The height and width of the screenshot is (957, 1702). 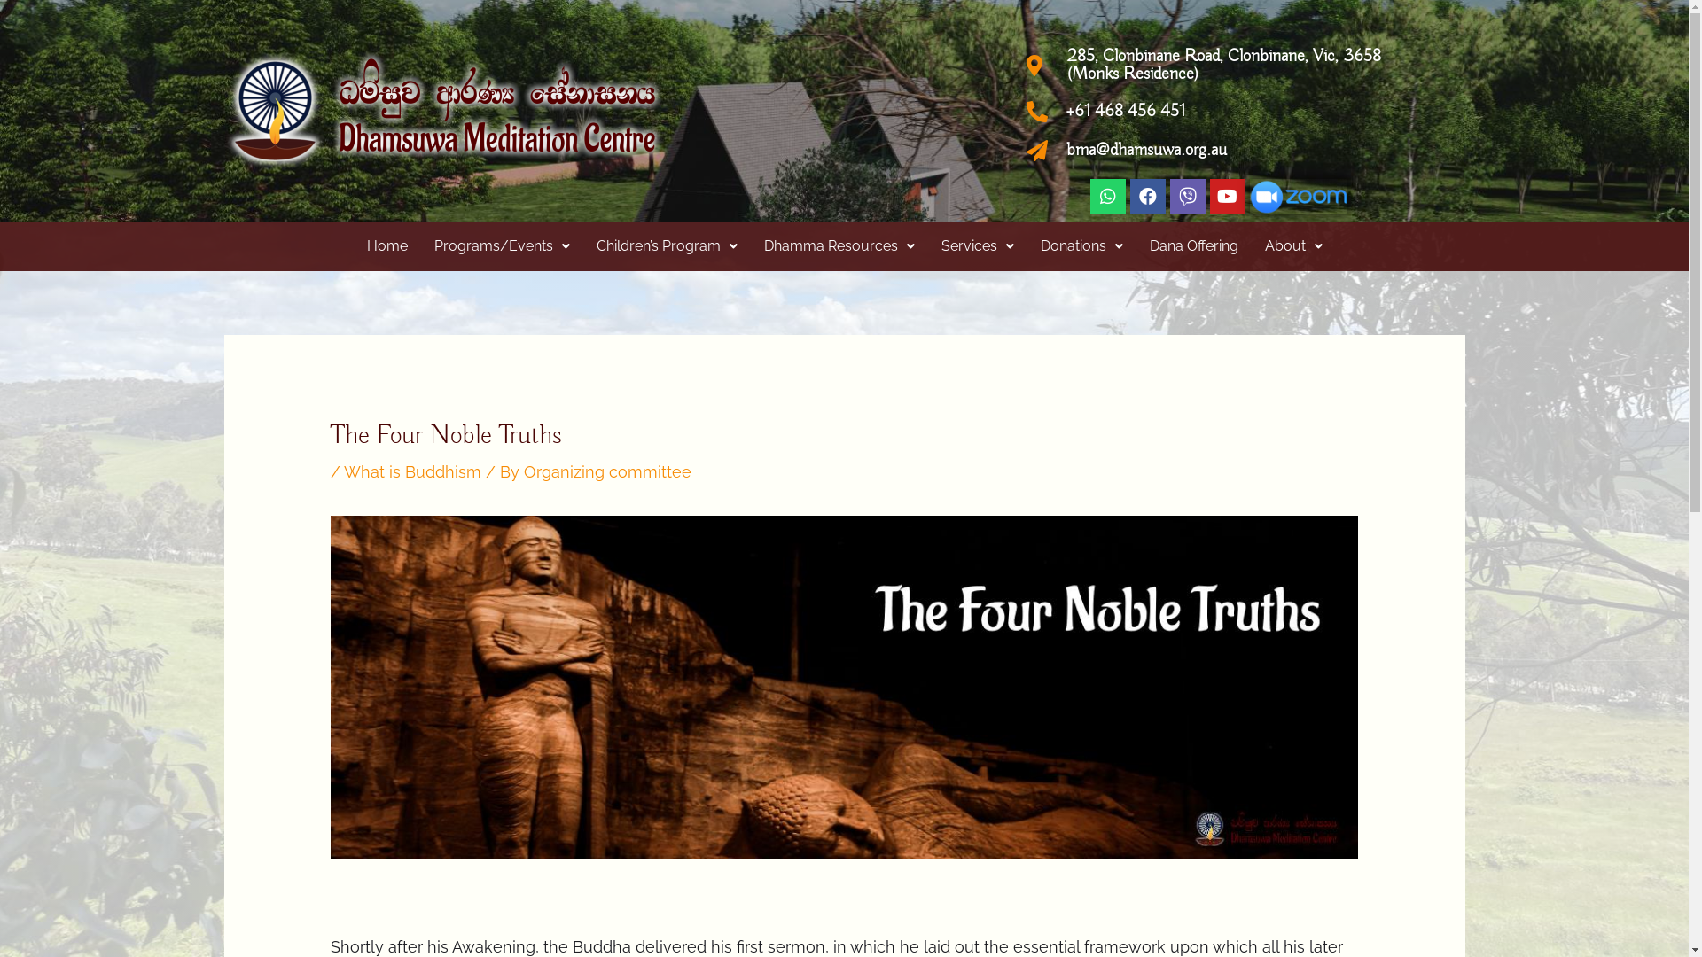 What do you see at coordinates (411, 471) in the screenshot?
I see `'What is Buddhism'` at bounding box center [411, 471].